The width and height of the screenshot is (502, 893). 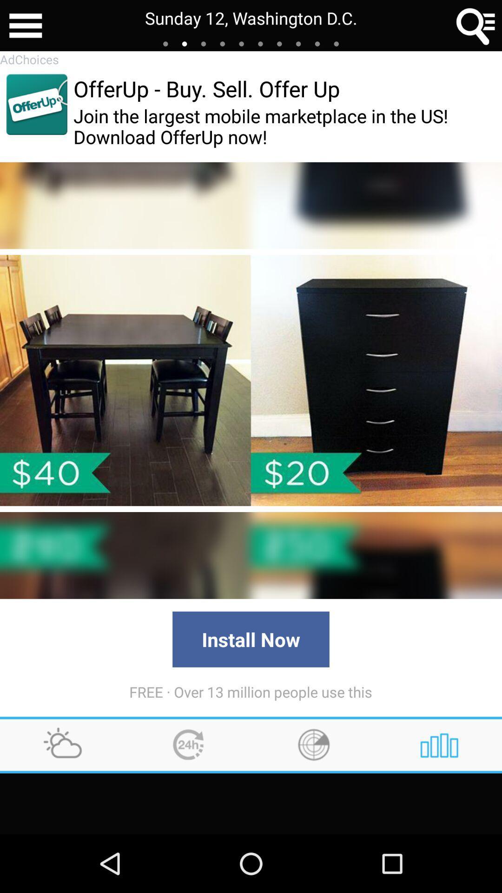 I want to click on open offer up, so click(x=36, y=104).